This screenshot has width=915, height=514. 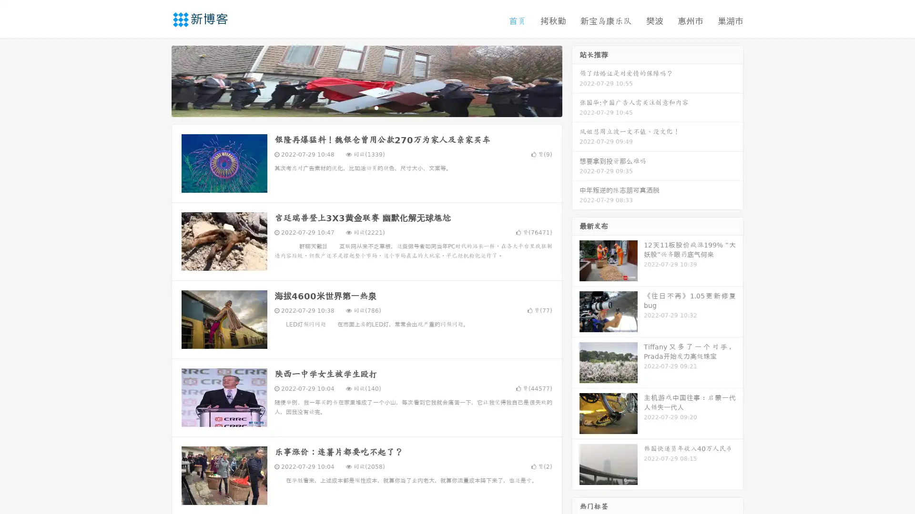 What do you see at coordinates (576, 80) in the screenshot?
I see `Next slide` at bounding box center [576, 80].